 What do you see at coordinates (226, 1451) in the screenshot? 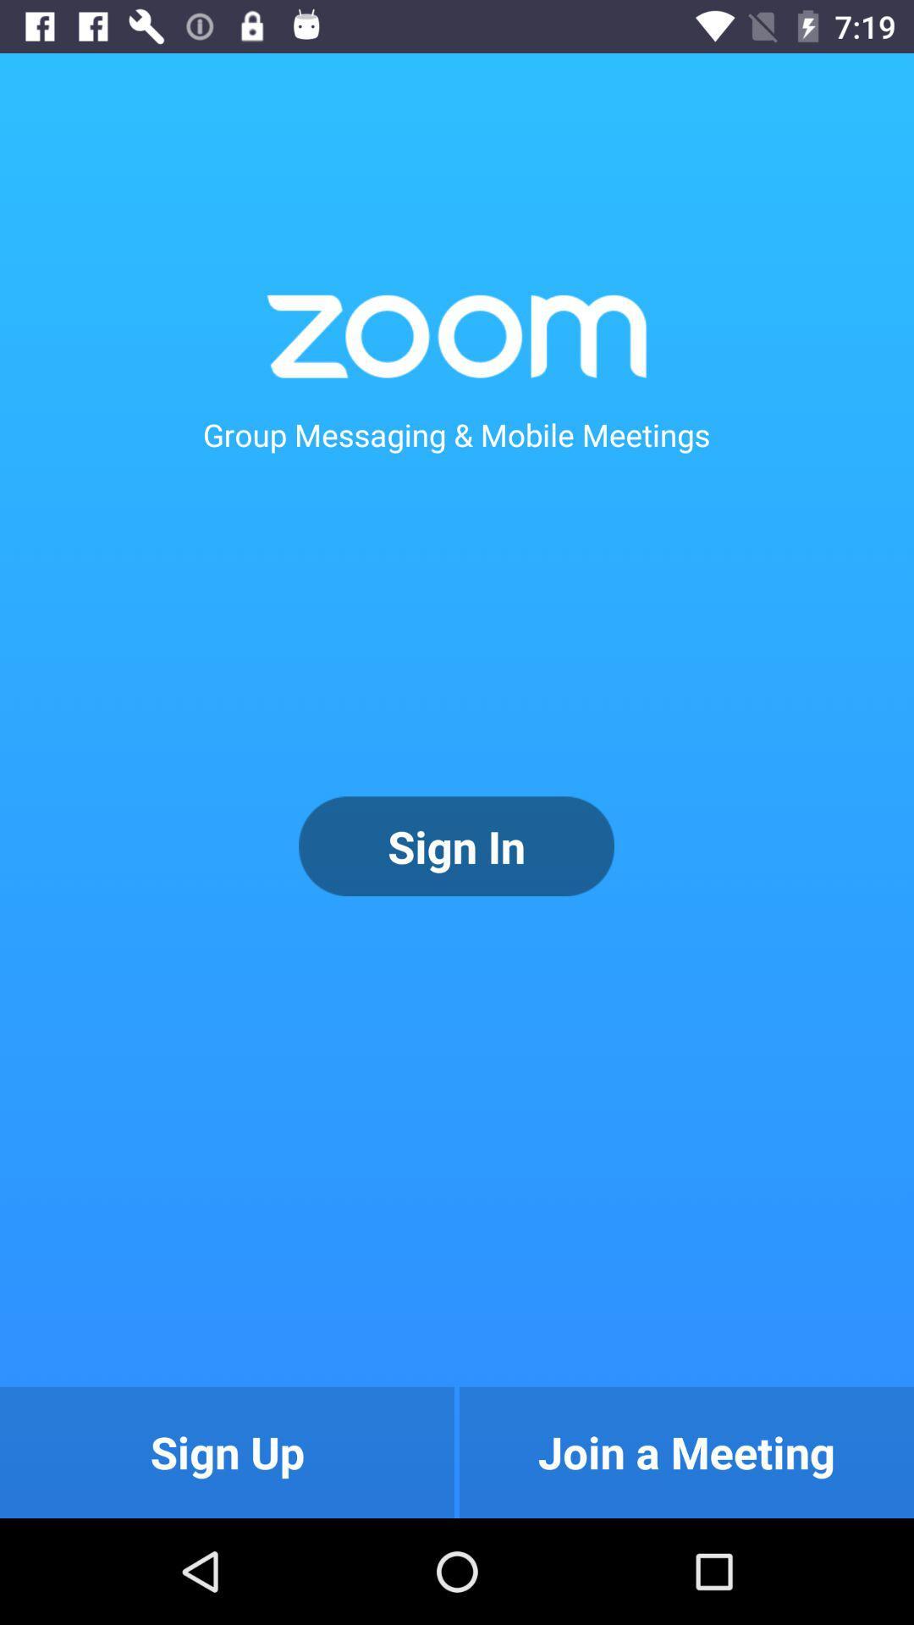
I see `item at the bottom left corner` at bounding box center [226, 1451].